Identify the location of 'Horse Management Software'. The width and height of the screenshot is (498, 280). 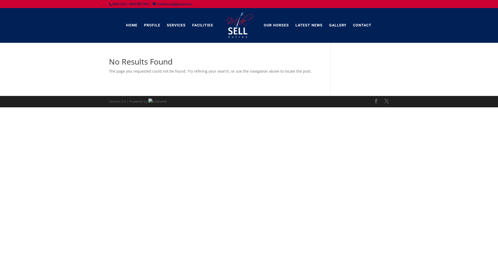
(157, 101).